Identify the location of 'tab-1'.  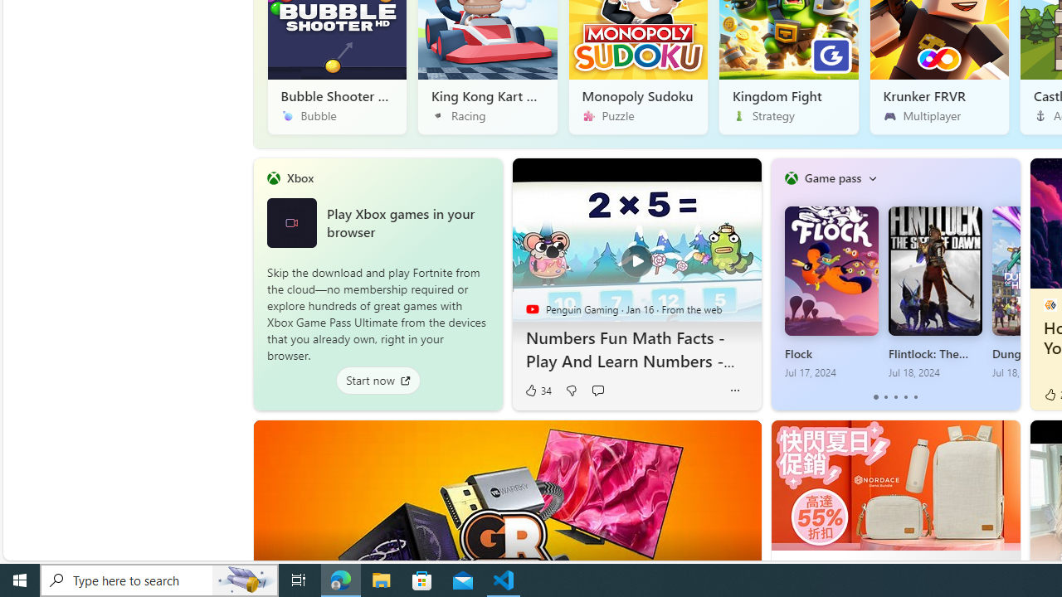
(884, 397).